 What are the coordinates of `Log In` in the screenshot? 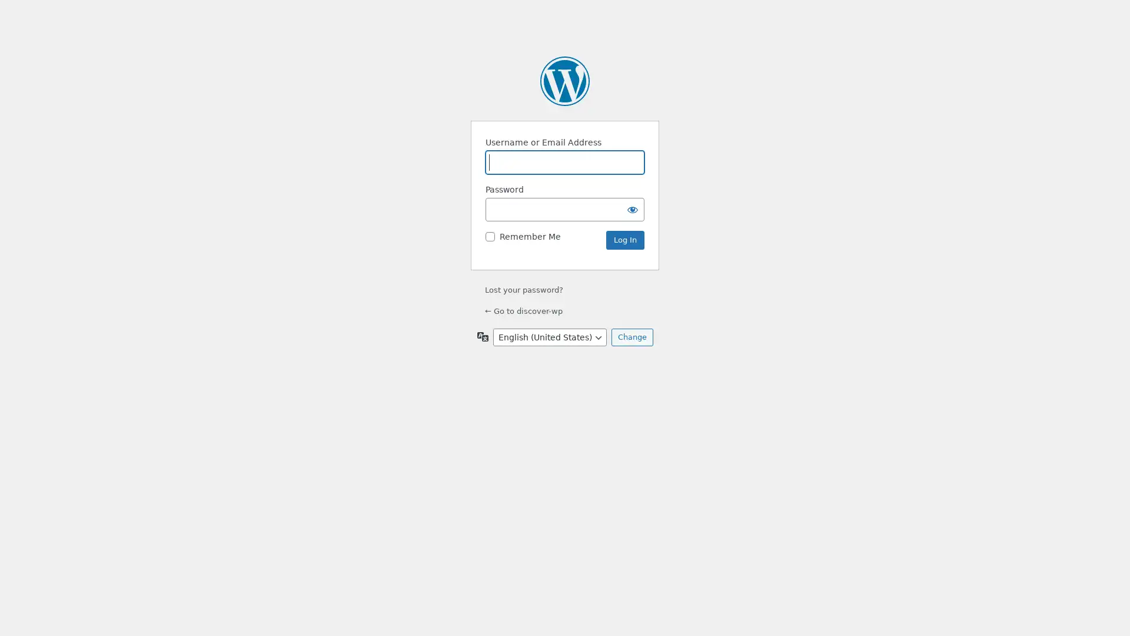 It's located at (624, 240).